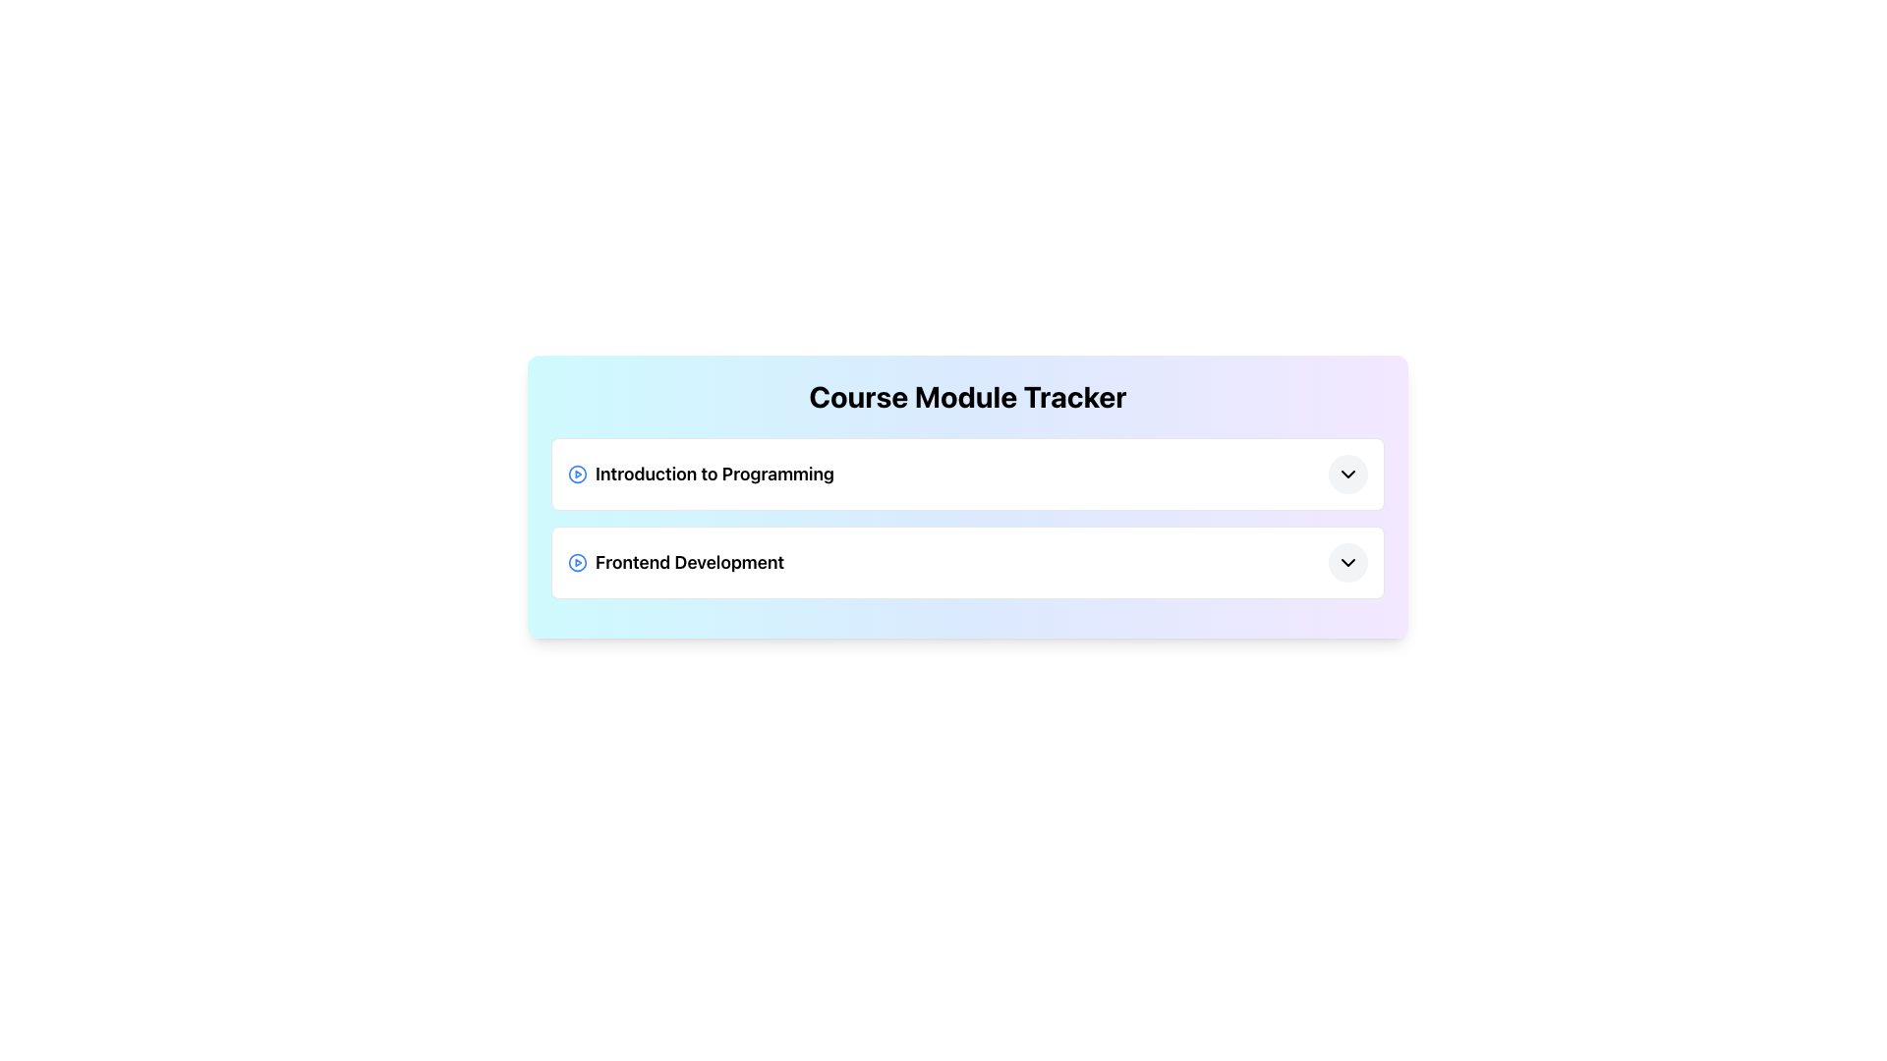 This screenshot has height=1061, width=1887. What do you see at coordinates (676, 563) in the screenshot?
I see `information indicated by the text label 'Frontend Development', which is styled in a bold large font and located in the second row of course modules, adjacent to a blue play button icon` at bounding box center [676, 563].